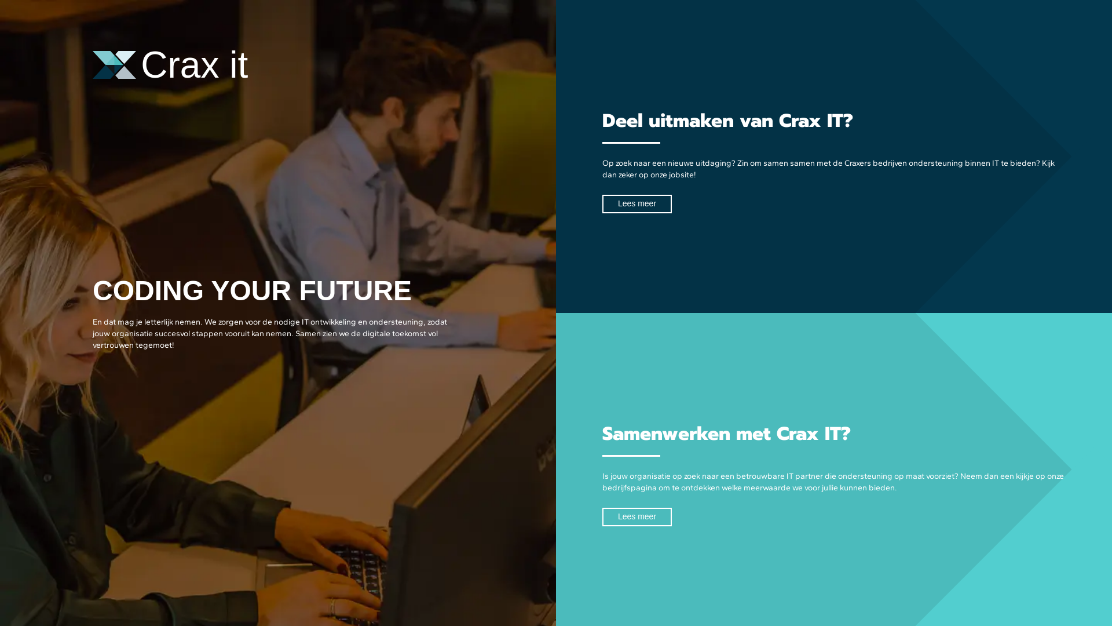 The height and width of the screenshot is (626, 1112). Describe the element at coordinates (636, 516) in the screenshot. I see `'Lees meer'` at that location.